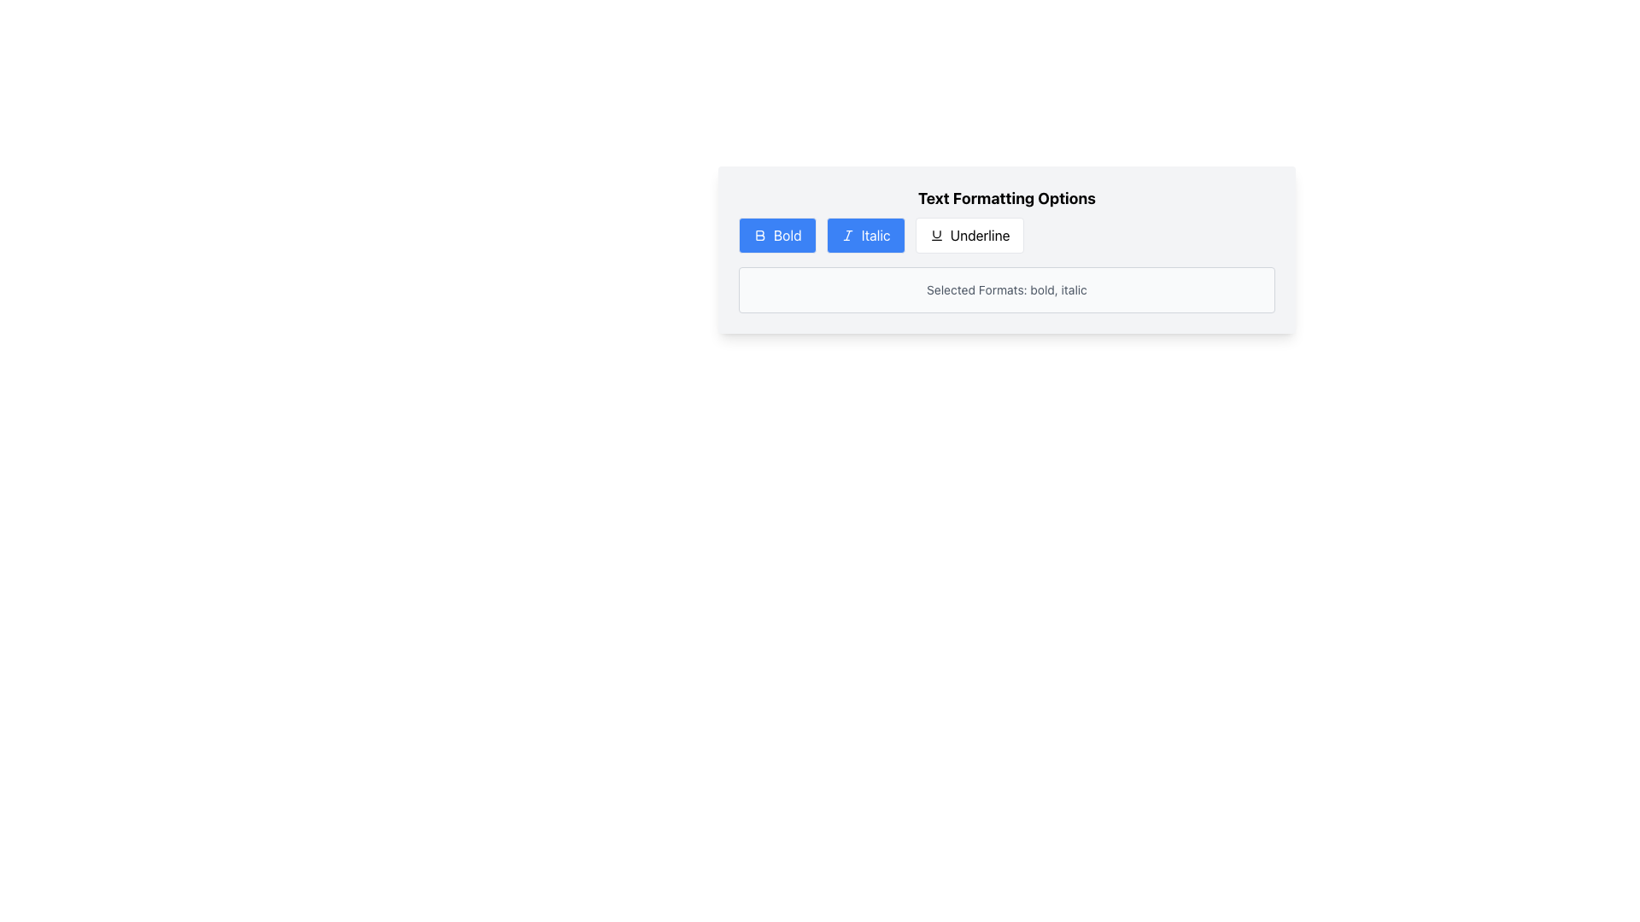 The image size is (1640, 922). Describe the element at coordinates (758, 236) in the screenshot. I see `the bold 'B' icon within the blue 'Bold' button` at that location.